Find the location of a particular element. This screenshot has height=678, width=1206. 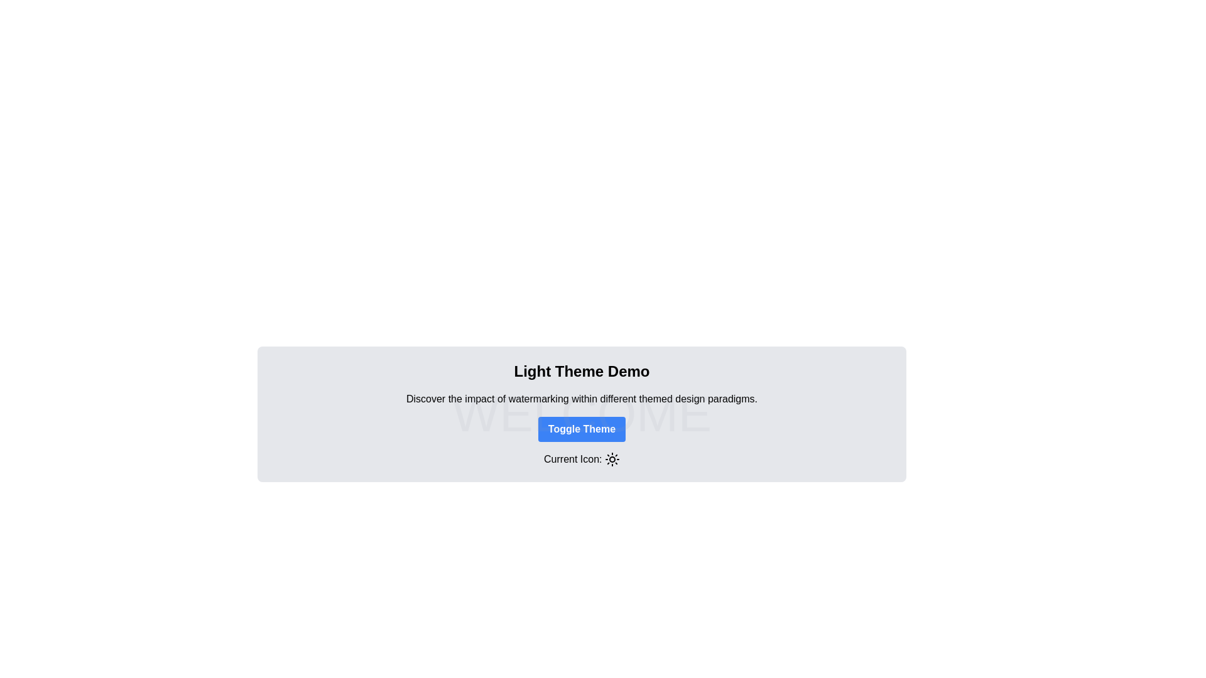

the informative text block positioned below the 'Light Theme Demo' heading and above the 'Toggle Theme' button is located at coordinates (581, 399).